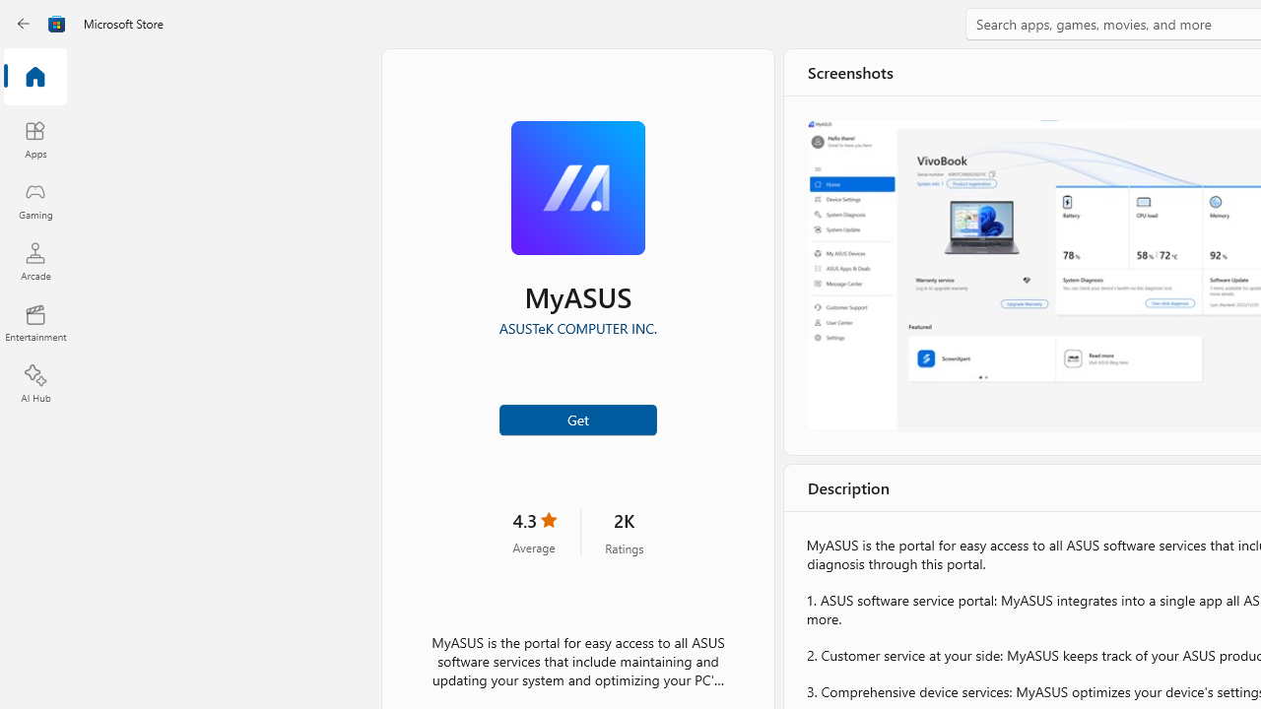 The image size is (1261, 709). What do you see at coordinates (576, 418) in the screenshot?
I see `'Get'` at bounding box center [576, 418].